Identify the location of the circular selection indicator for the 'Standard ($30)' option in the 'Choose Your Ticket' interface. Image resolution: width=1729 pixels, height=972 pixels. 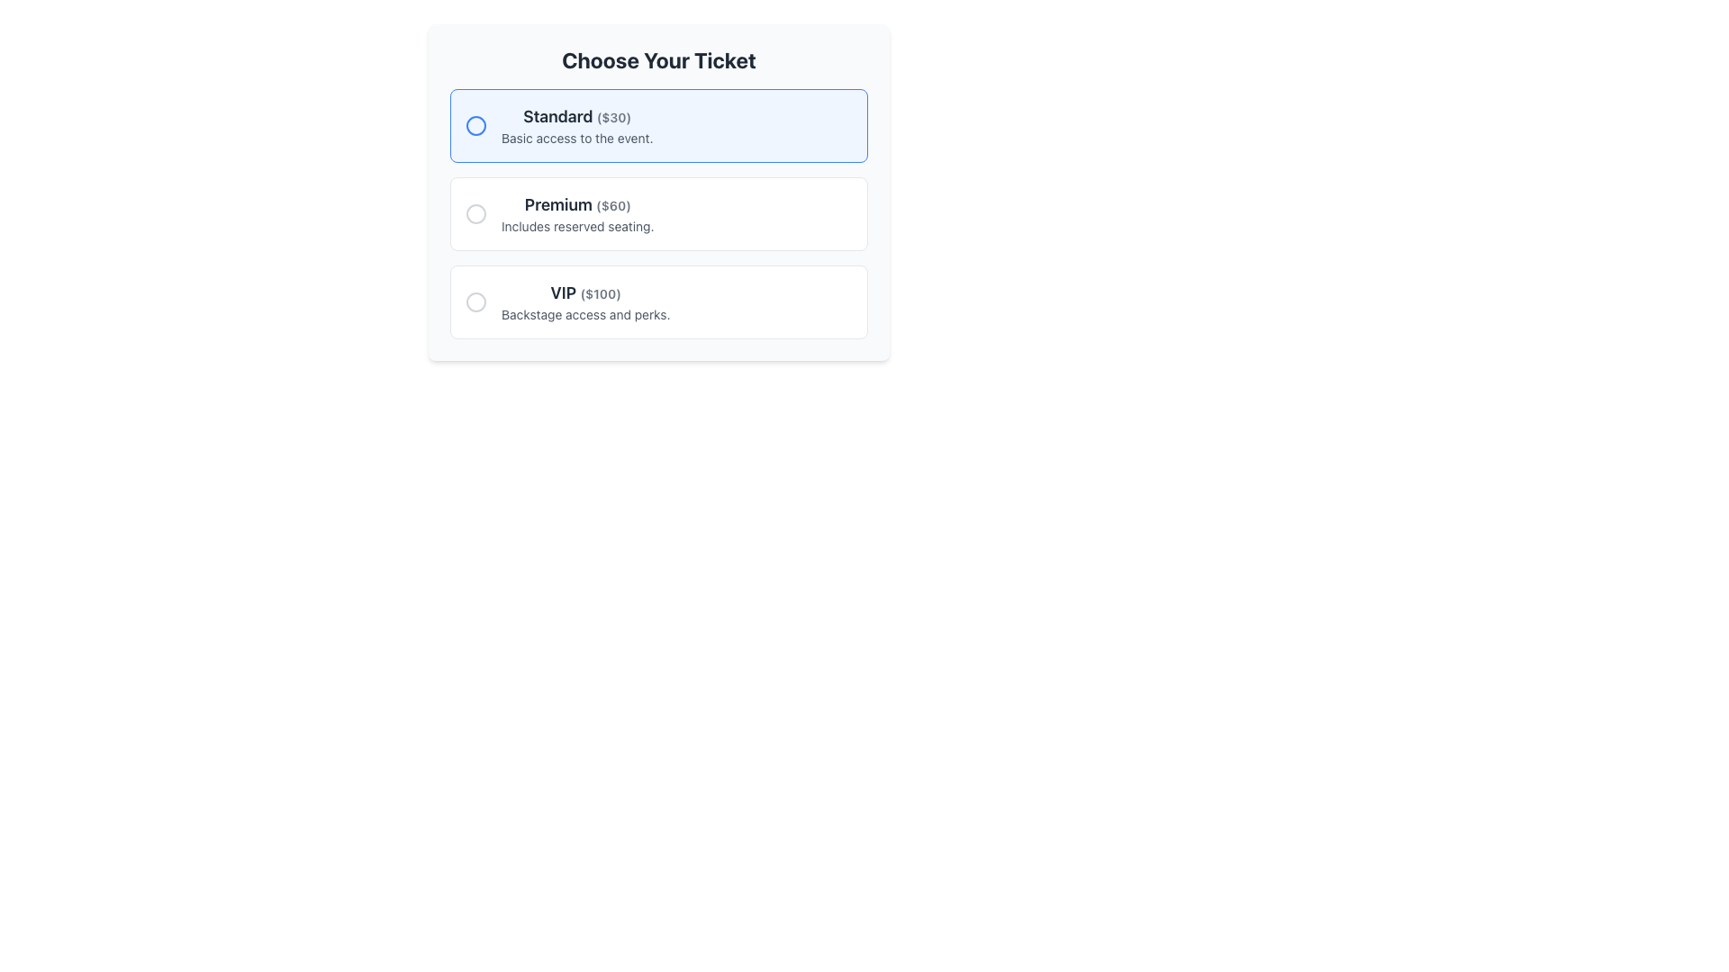
(475, 124).